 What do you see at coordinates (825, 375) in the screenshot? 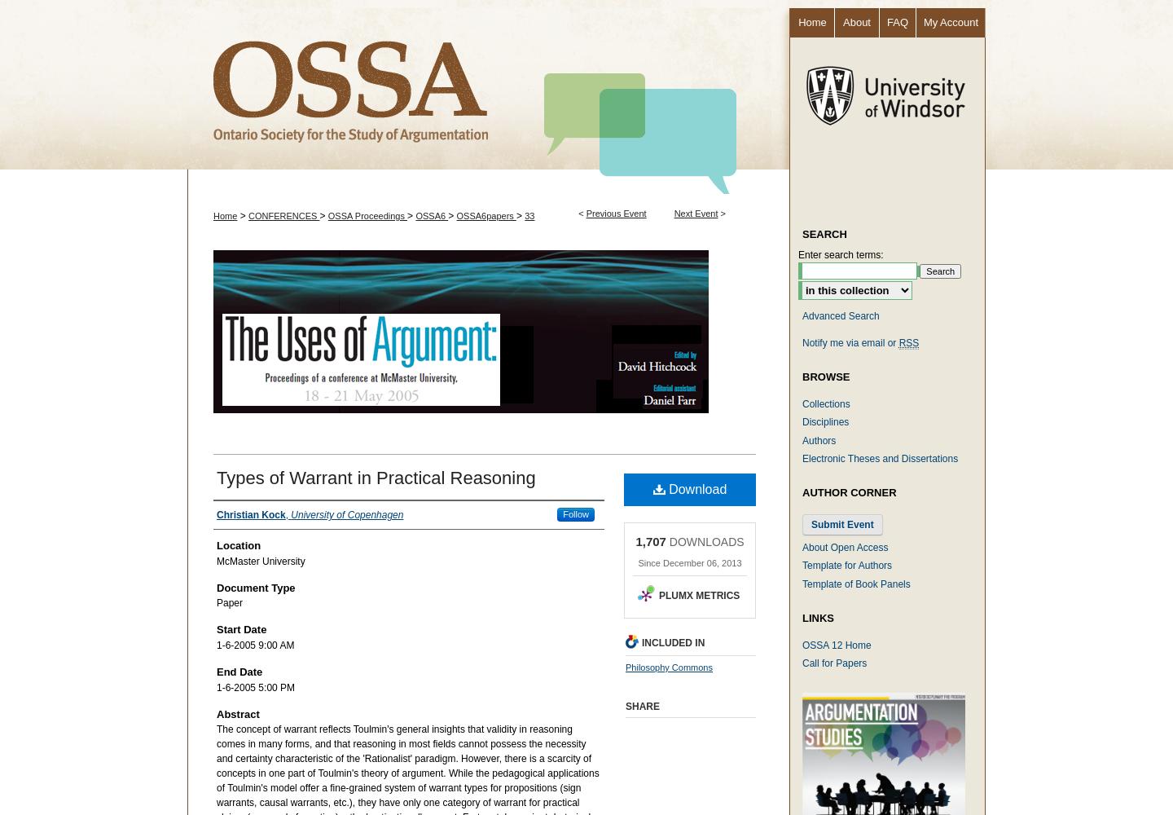
I see `'Browse'` at bounding box center [825, 375].